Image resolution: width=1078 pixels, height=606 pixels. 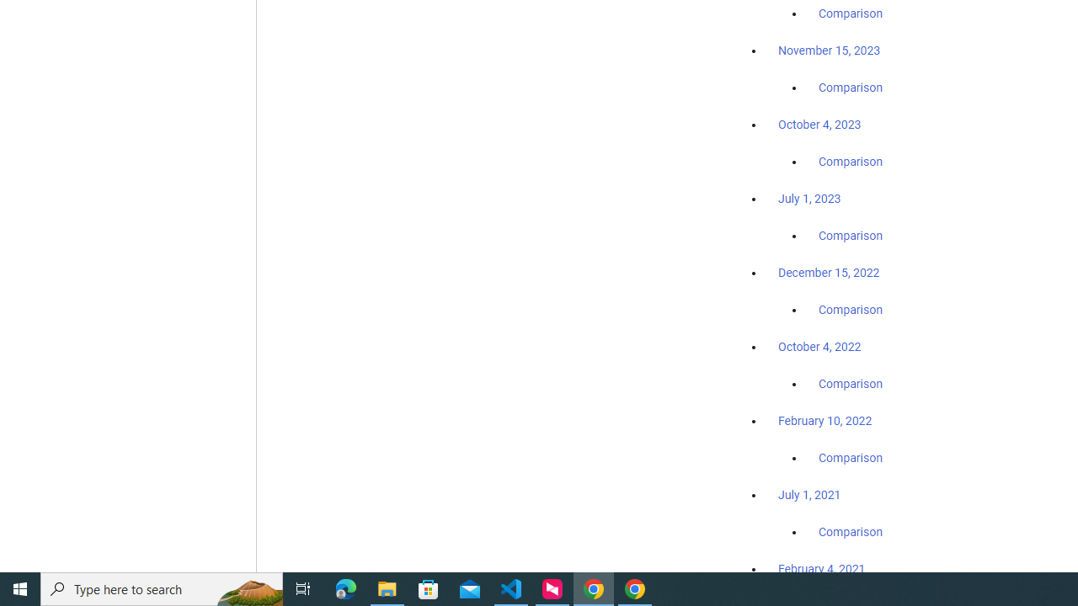 I want to click on 'February 4, 2021', so click(x=822, y=568).